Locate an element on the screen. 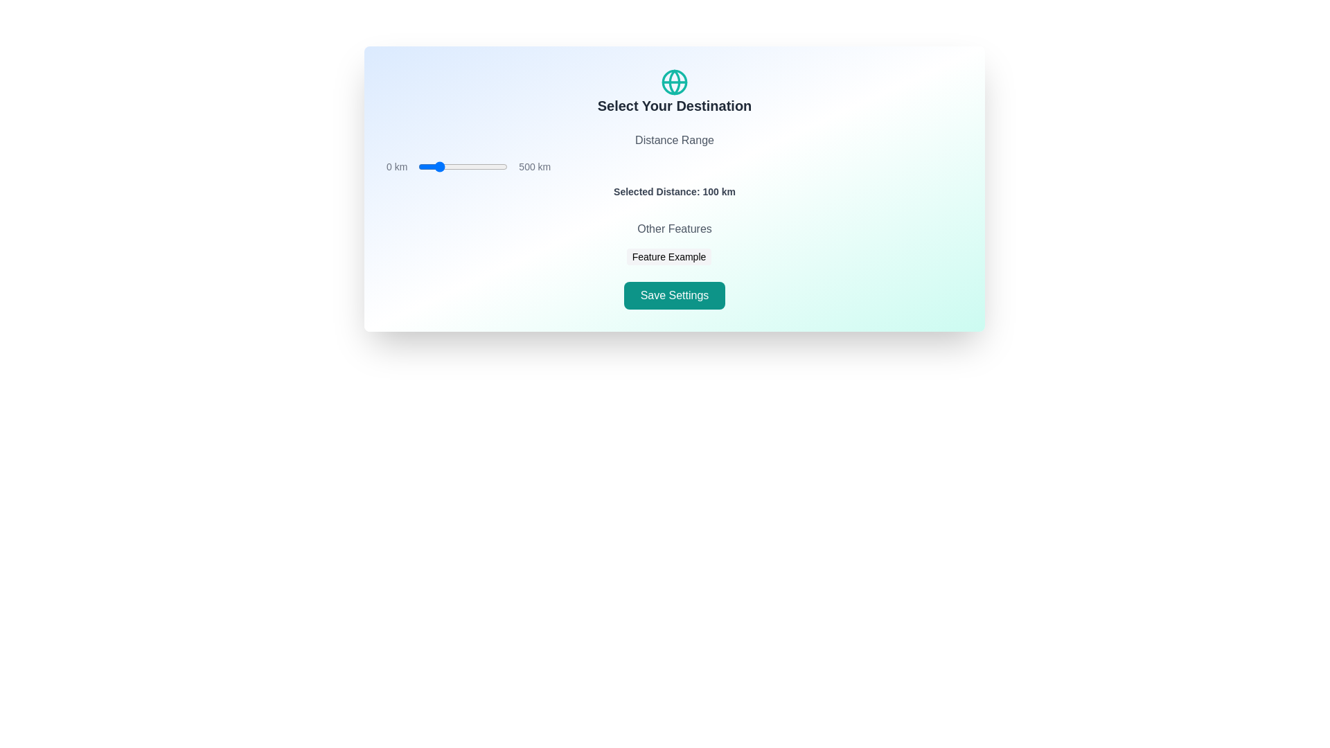 The image size is (1330, 748). the distance range slider to set the distance to 185 km is located at coordinates (452, 166).